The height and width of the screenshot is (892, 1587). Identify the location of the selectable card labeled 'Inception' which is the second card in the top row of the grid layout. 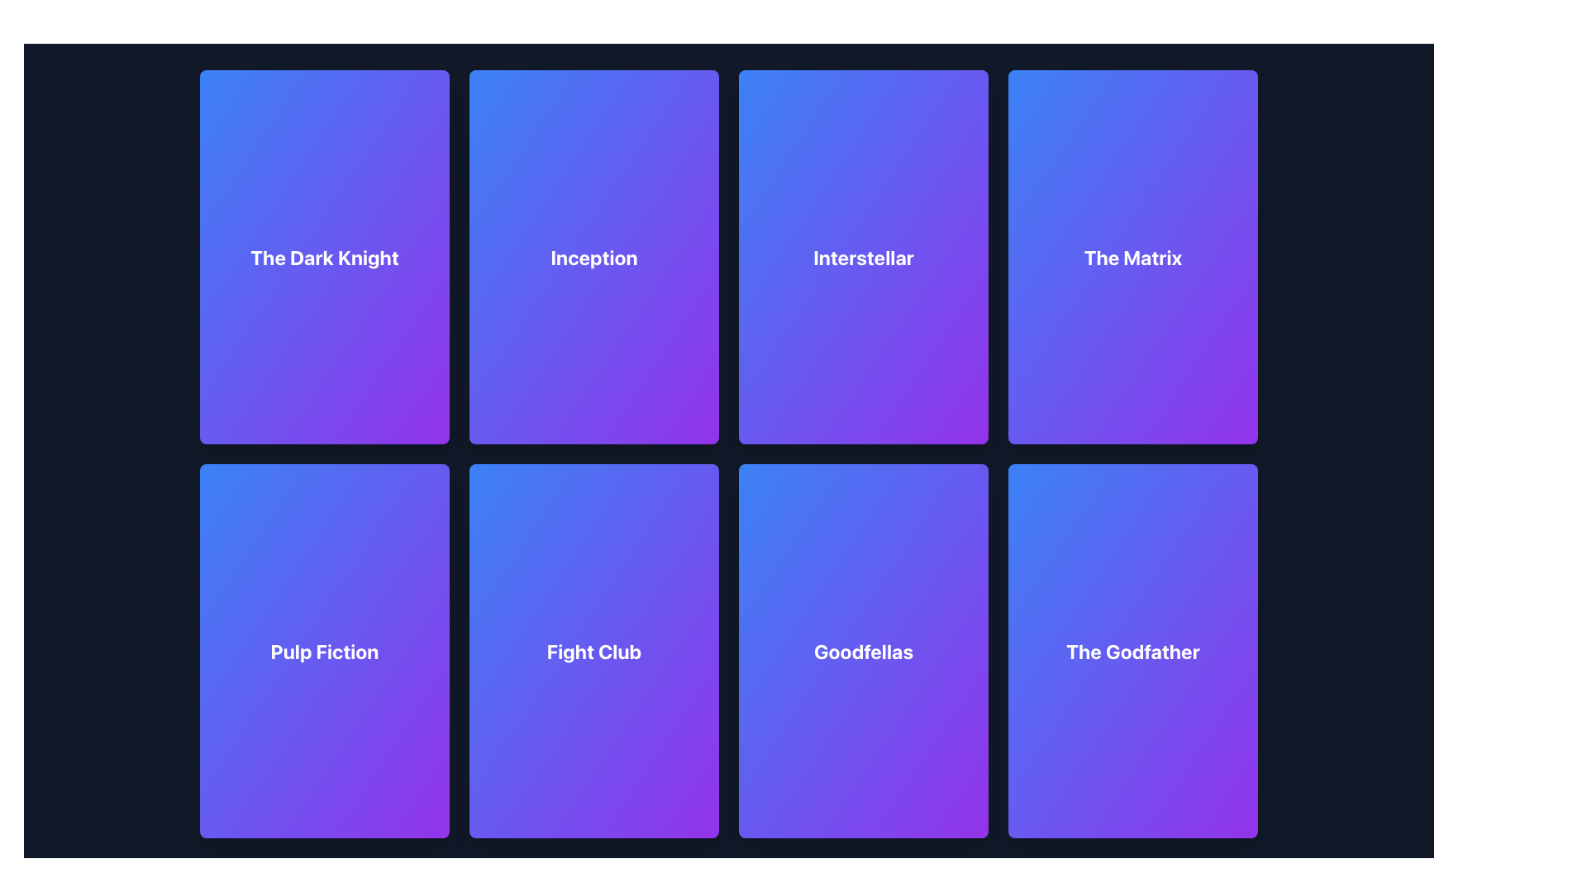
(594, 257).